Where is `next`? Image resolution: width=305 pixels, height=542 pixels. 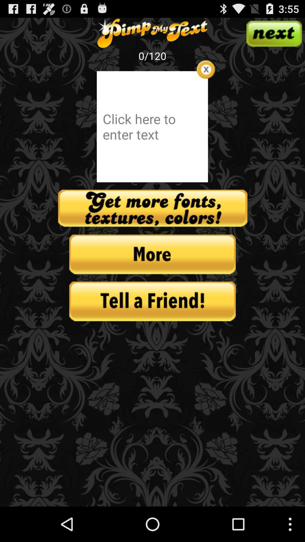 next is located at coordinates (274, 33).